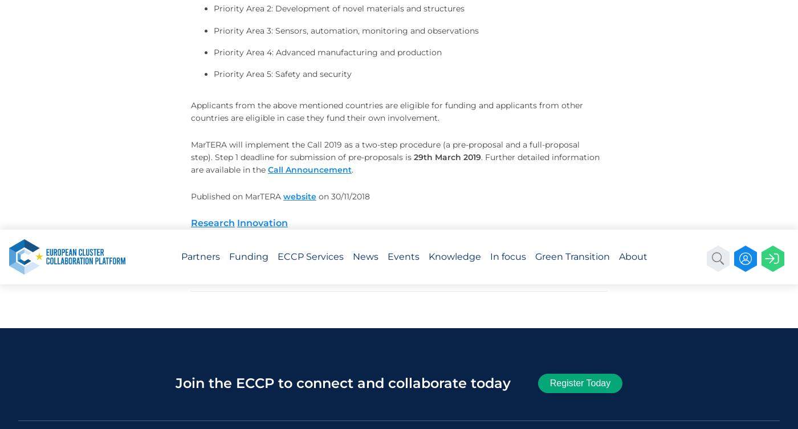  What do you see at coordinates (615, 45) in the screenshot?
I see `'Creative
Commons Attribution 4.0 International (CC BY 4.0) licence.'` at bounding box center [615, 45].